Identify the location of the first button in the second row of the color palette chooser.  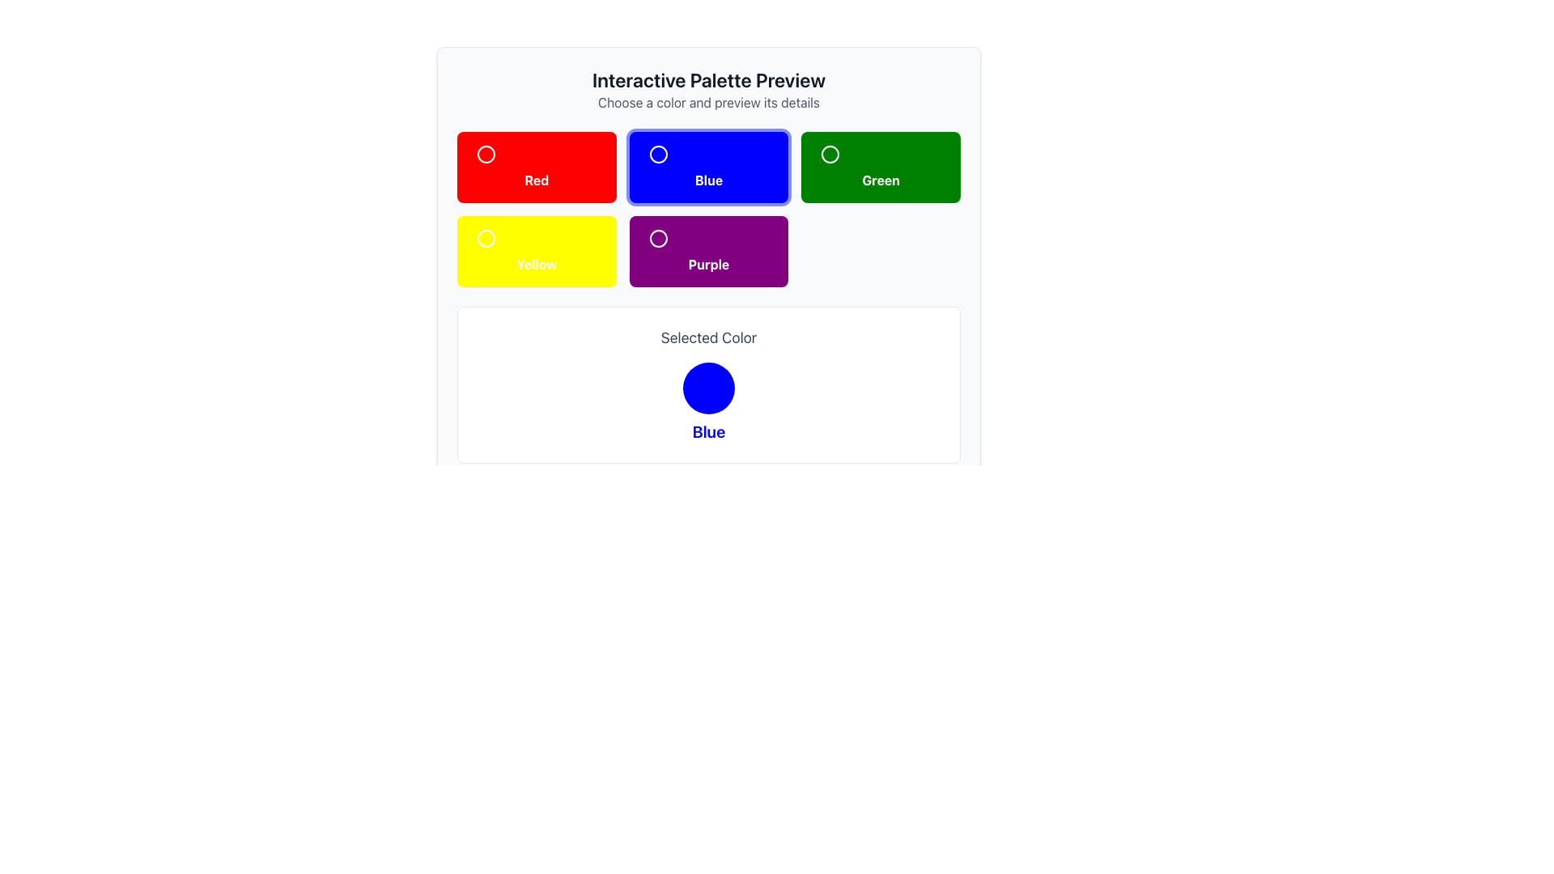
(537, 252).